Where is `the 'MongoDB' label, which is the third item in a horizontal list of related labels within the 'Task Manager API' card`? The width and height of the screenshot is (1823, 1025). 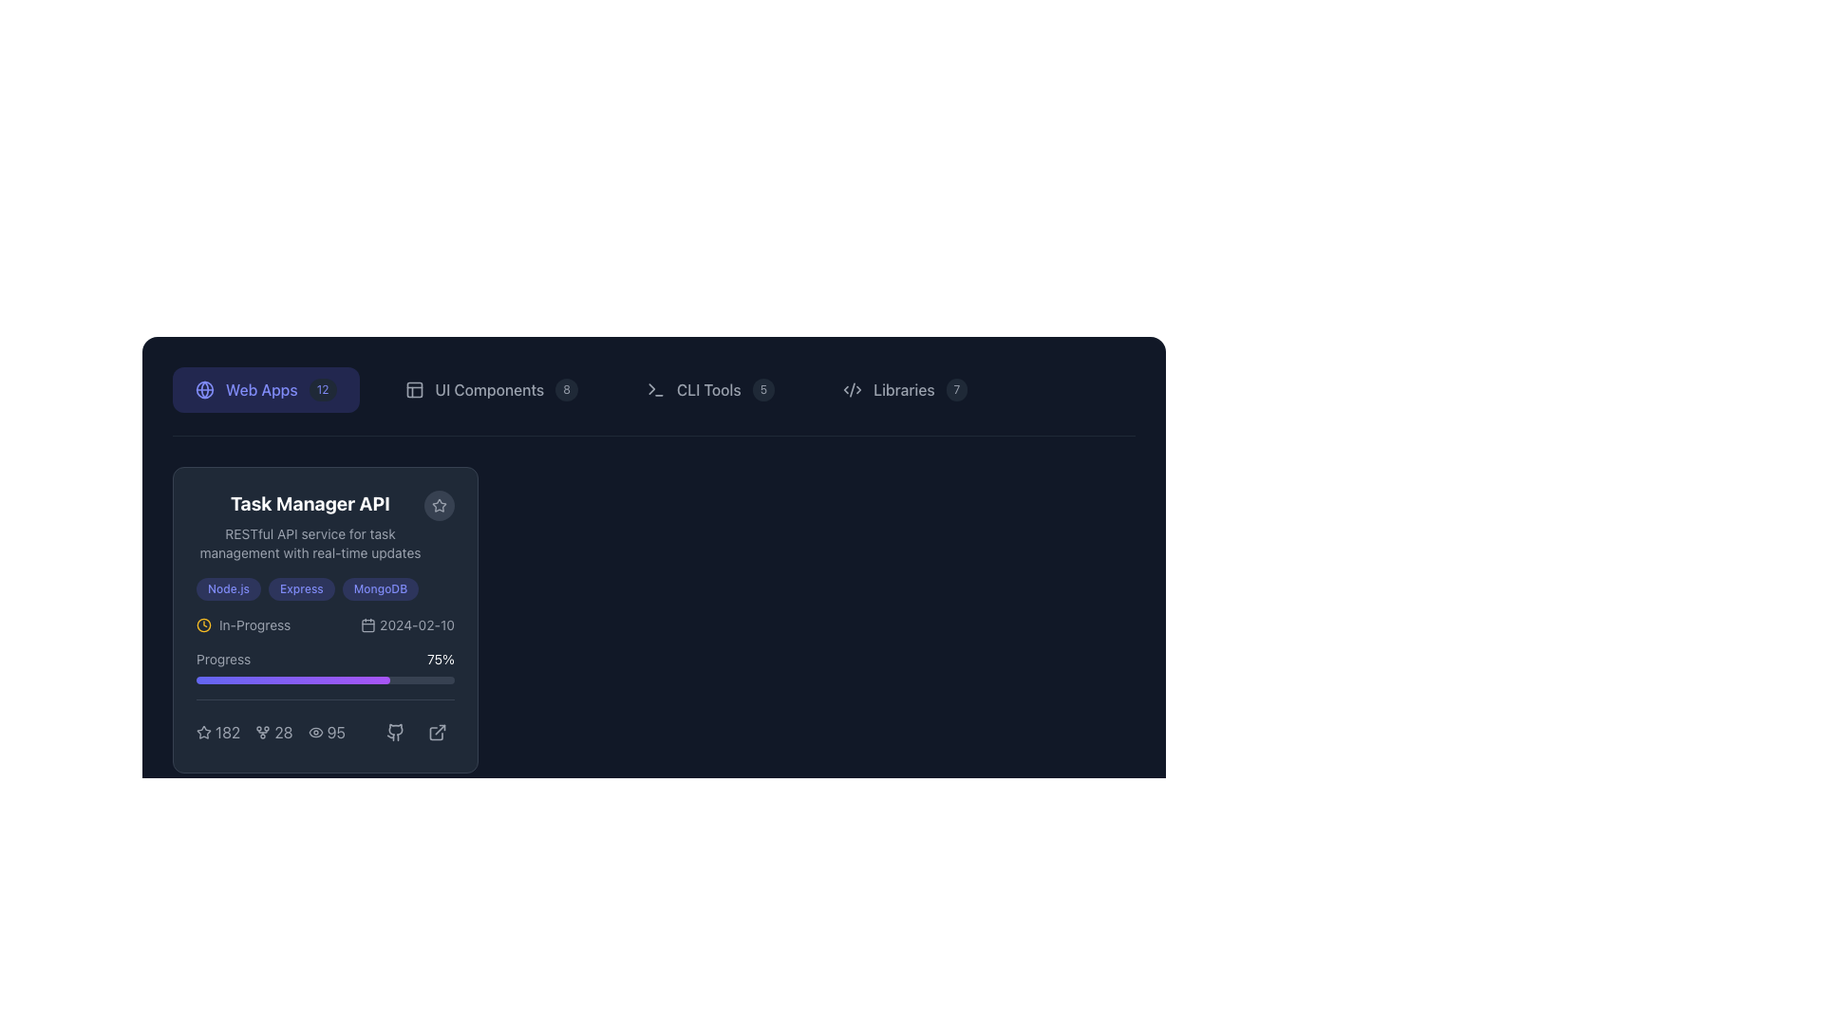
the 'MongoDB' label, which is the third item in a horizontal list of related labels within the 'Task Manager API' card is located at coordinates (380, 588).